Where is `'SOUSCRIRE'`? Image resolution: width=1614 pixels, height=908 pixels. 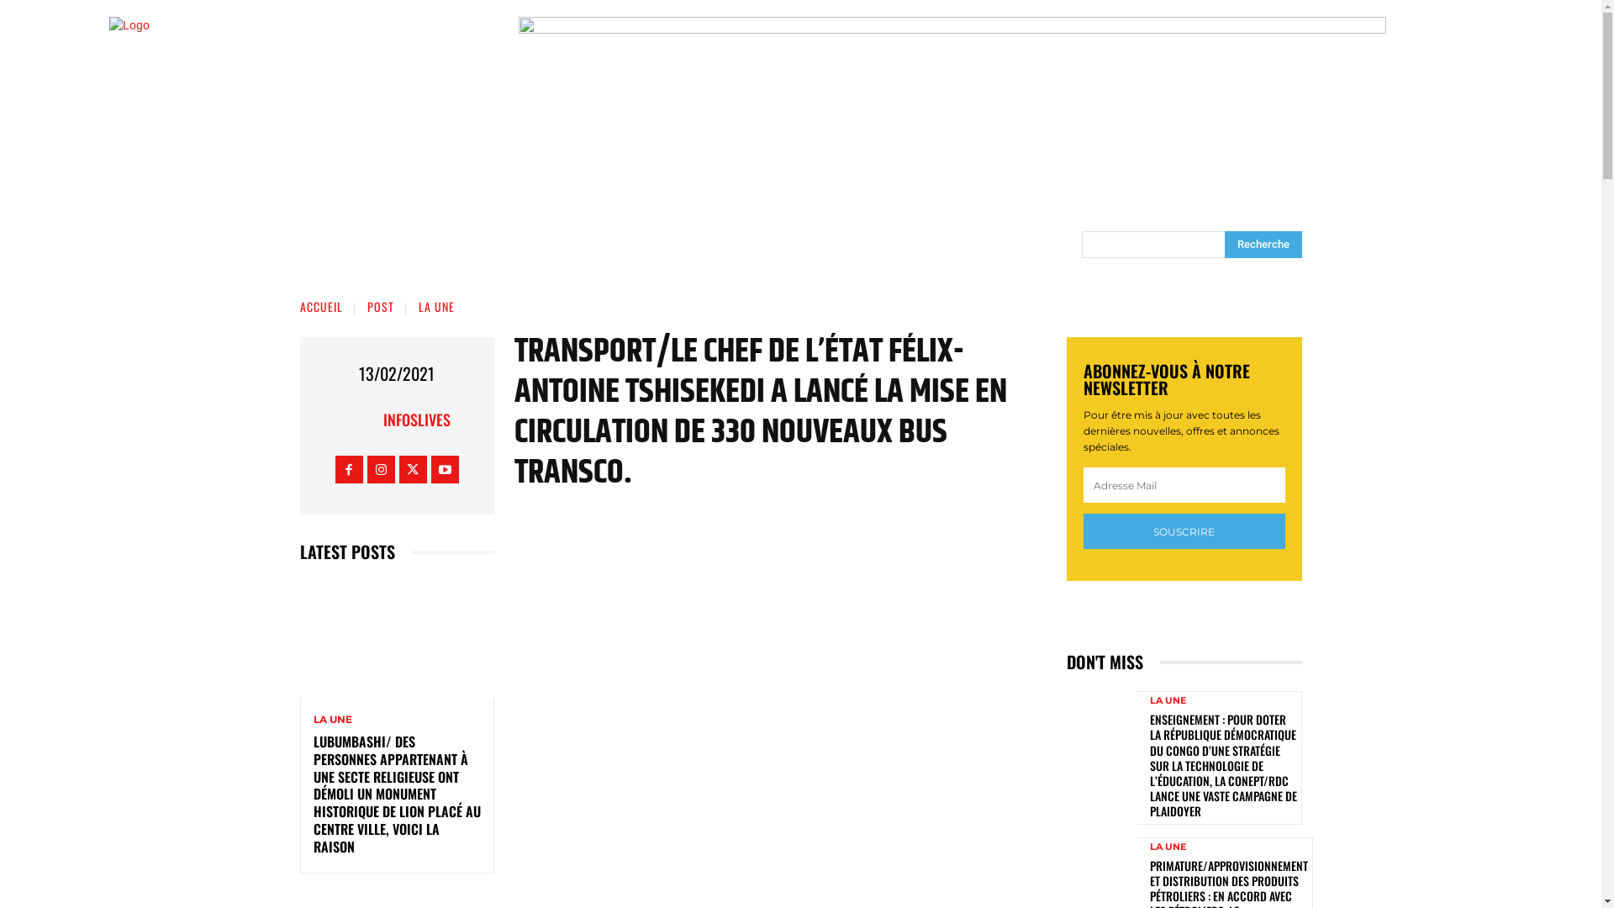
'SOUSCRIRE' is located at coordinates (1182, 531).